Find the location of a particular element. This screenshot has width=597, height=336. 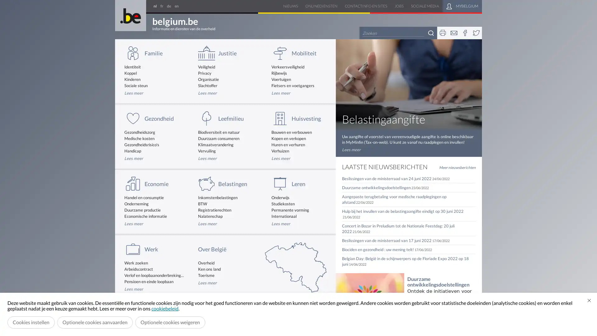

Optionele cookies aanvaarden is located at coordinates (95, 322).